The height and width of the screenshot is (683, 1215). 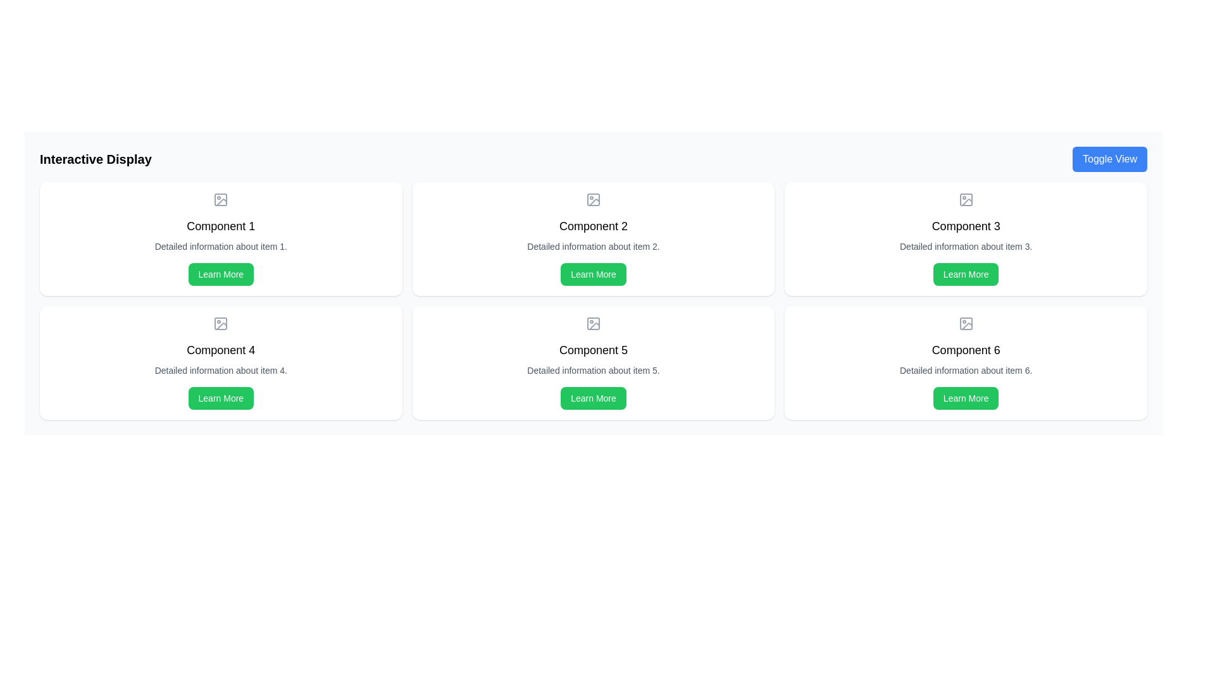 What do you see at coordinates (592, 199) in the screenshot?
I see `the icon resembling a stylized image with a frame and a small circular feature inside it, located at the top center of the card labeled 'Component 2'` at bounding box center [592, 199].